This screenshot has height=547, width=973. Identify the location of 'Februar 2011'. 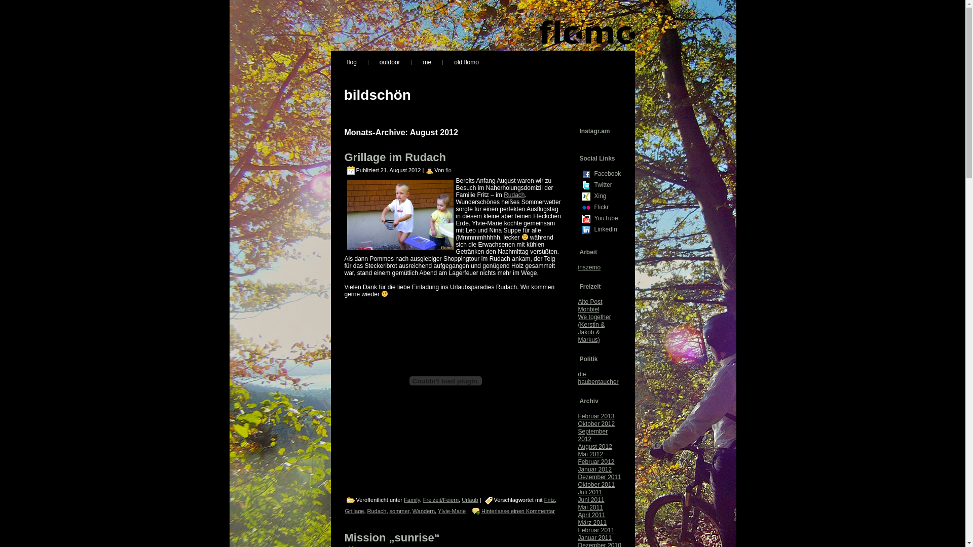
(596, 529).